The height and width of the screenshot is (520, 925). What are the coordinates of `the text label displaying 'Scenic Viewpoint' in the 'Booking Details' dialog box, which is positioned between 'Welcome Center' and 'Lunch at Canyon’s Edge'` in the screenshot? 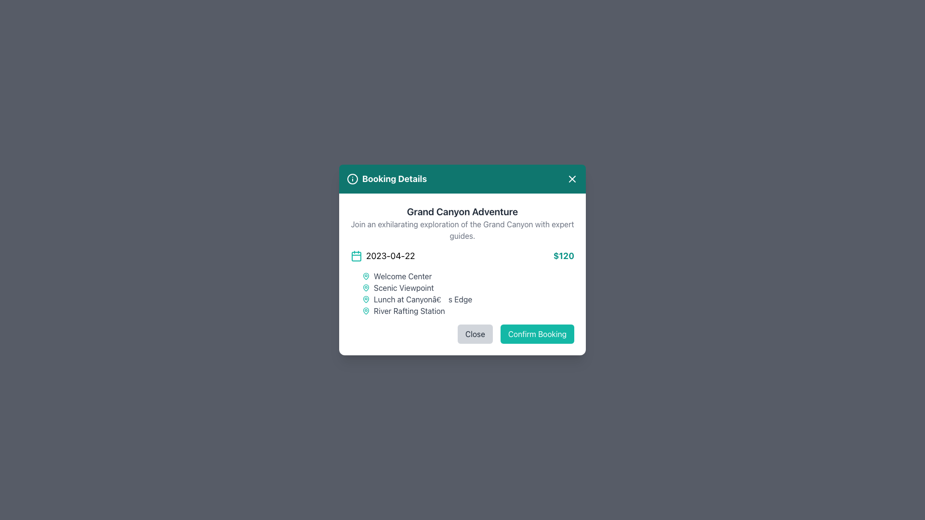 It's located at (404, 287).